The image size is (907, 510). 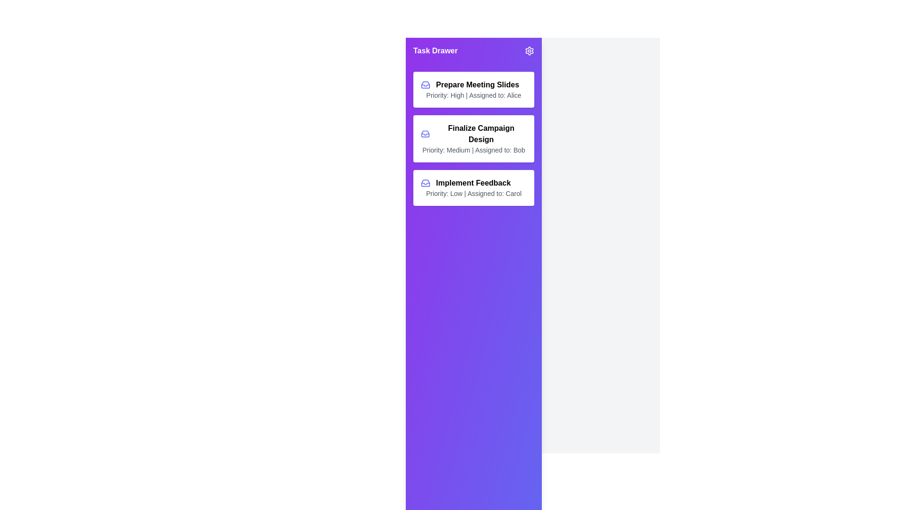 What do you see at coordinates (530, 51) in the screenshot?
I see `the settings icon to access settings` at bounding box center [530, 51].